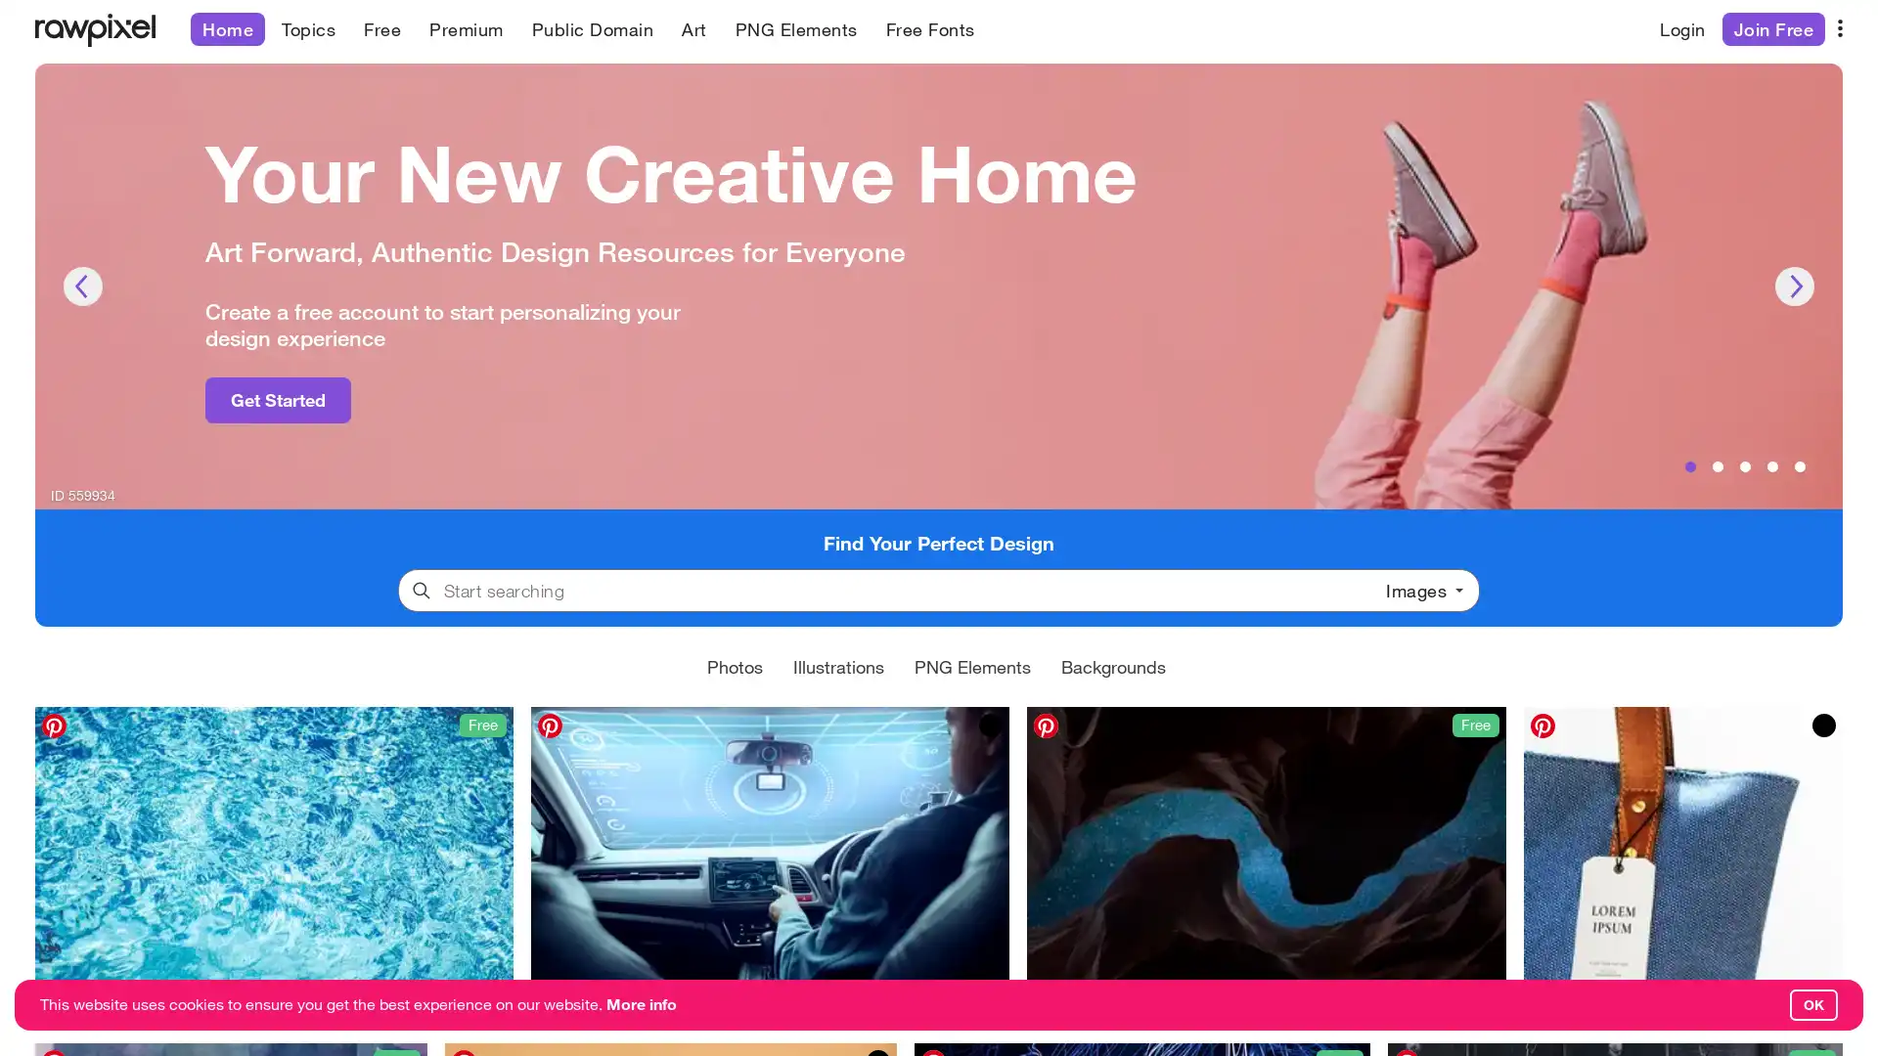  Describe the element at coordinates (1553, 1006) in the screenshot. I see `Save` at that location.